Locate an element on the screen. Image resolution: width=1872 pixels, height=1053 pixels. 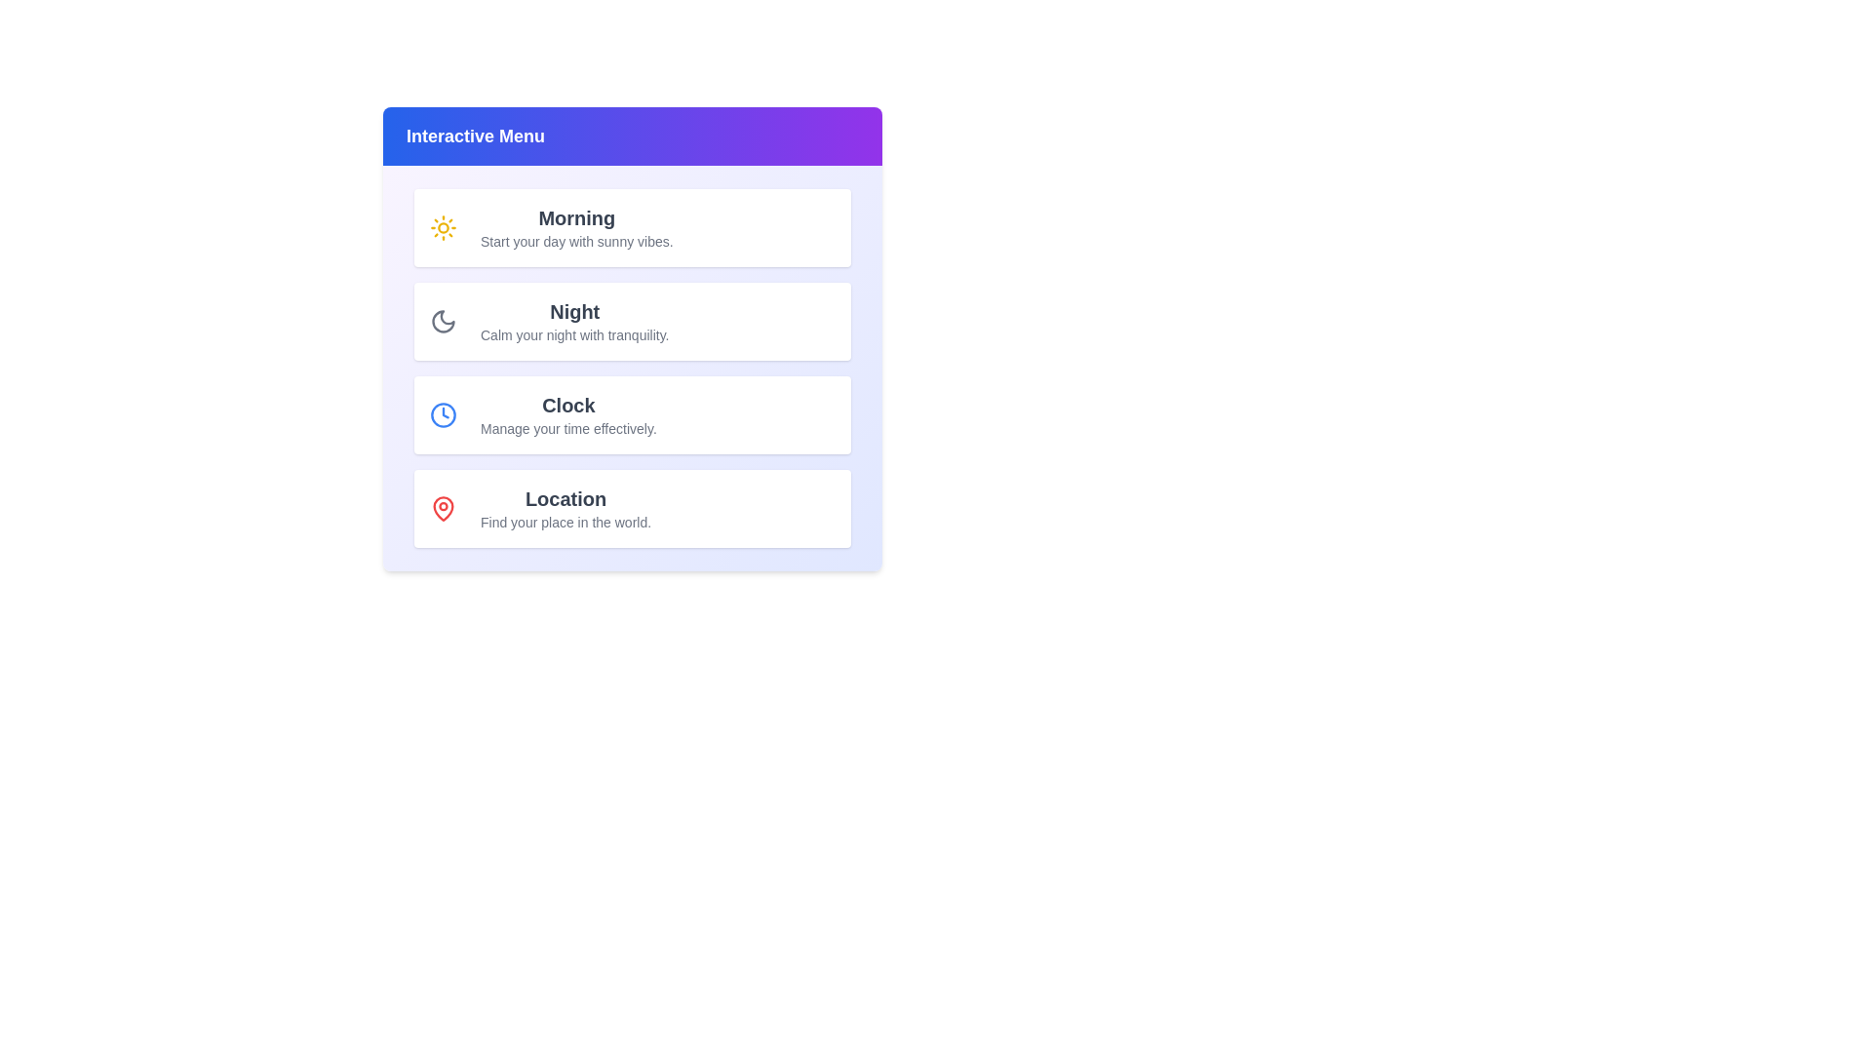
the menu option Clock is located at coordinates (632, 413).